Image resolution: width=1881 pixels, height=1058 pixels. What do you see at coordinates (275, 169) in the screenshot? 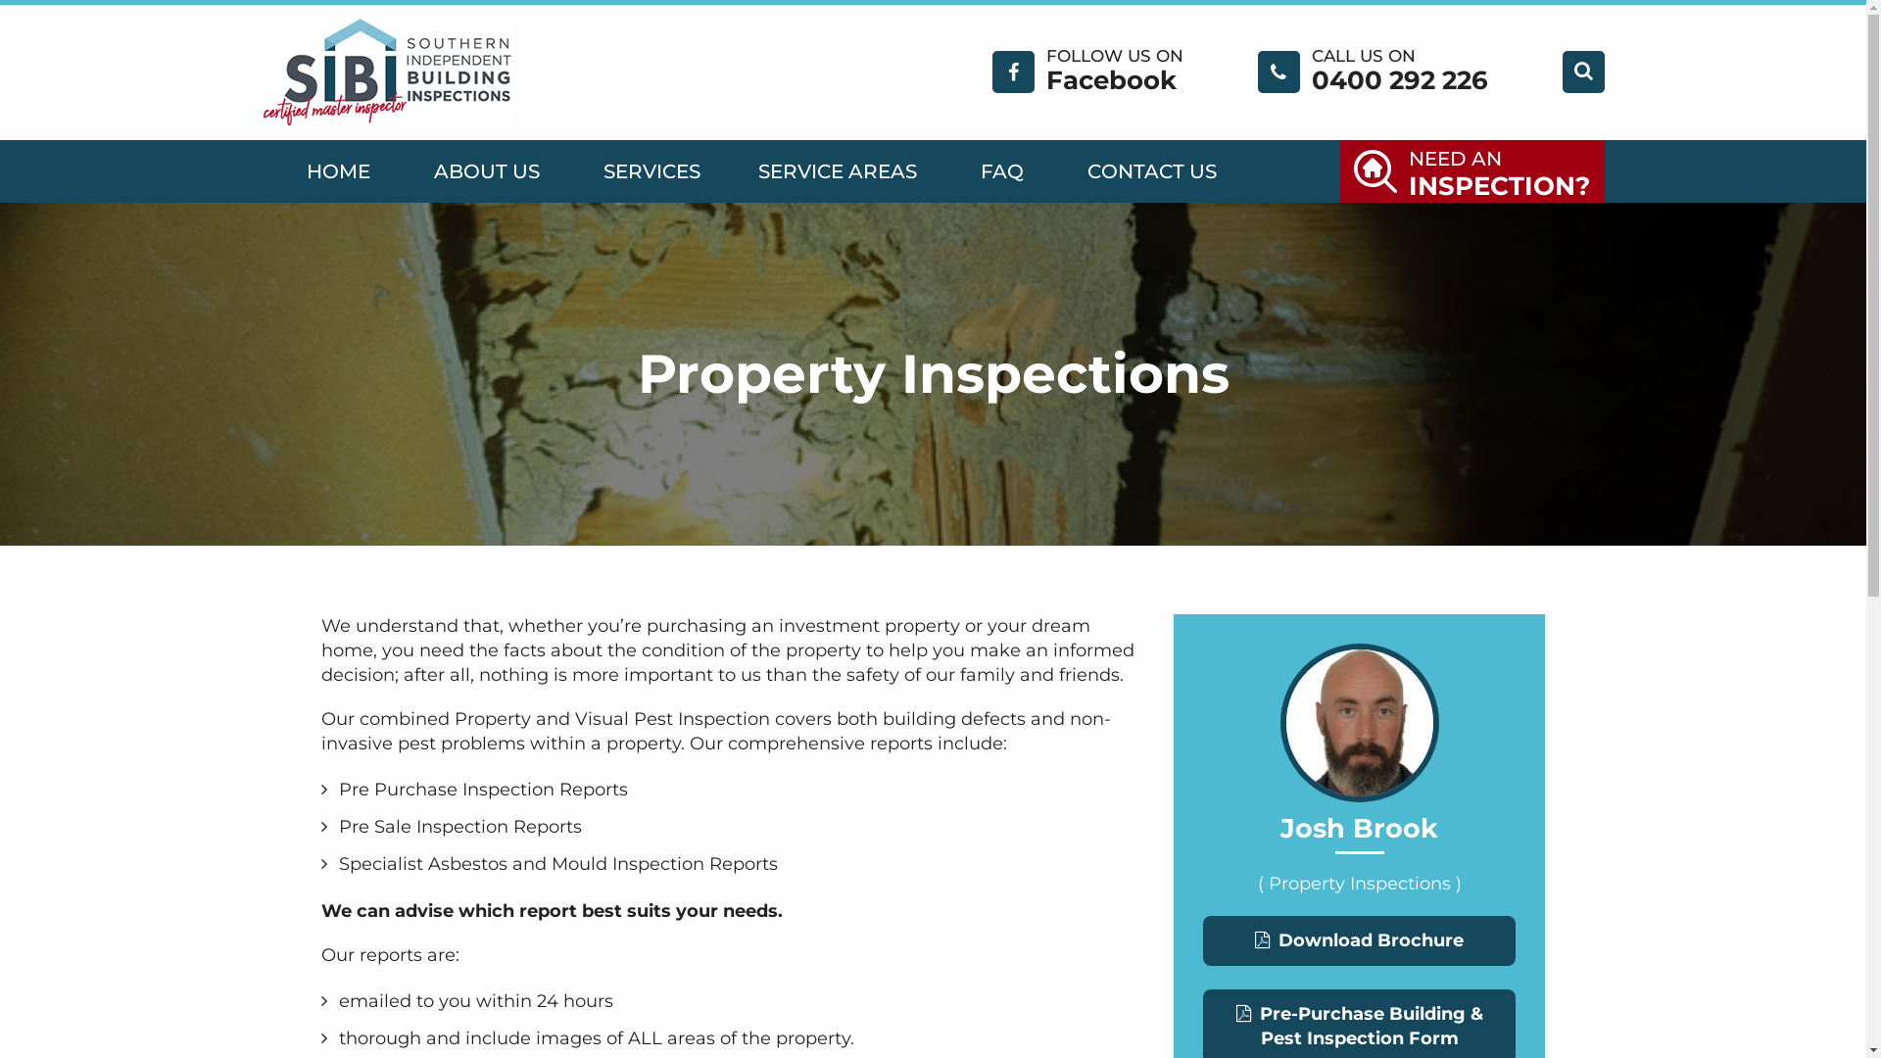
I see `'HOME'` at bounding box center [275, 169].